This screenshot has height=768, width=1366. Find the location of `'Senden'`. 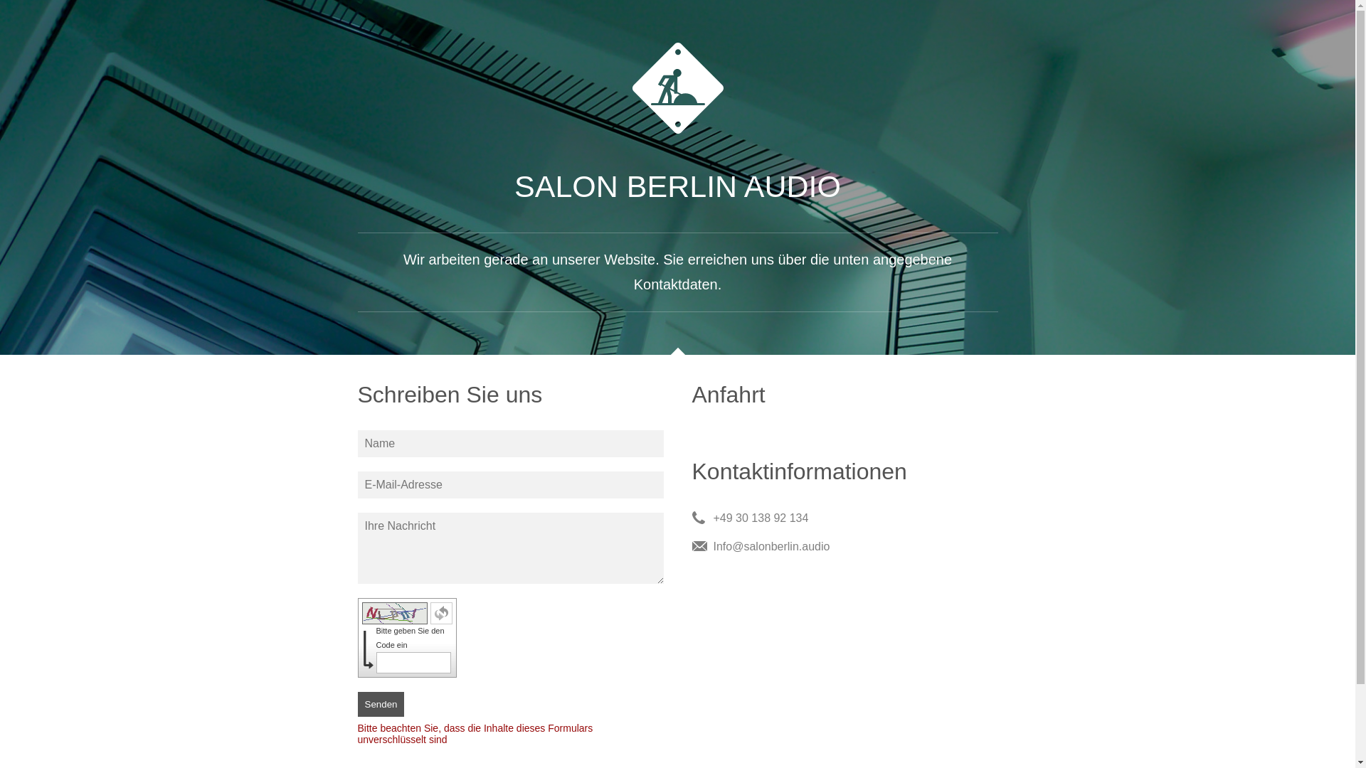

'Senden' is located at coordinates (380, 704).